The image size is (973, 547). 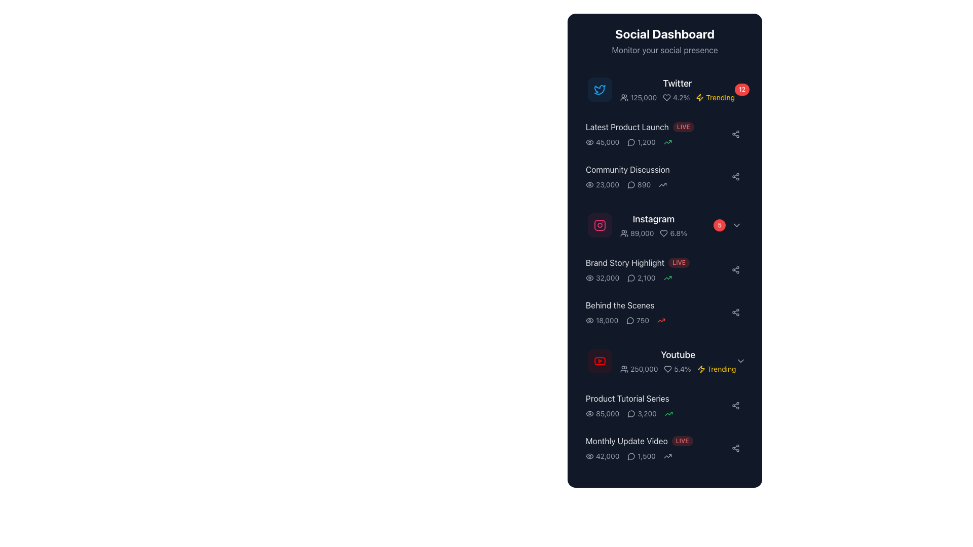 What do you see at coordinates (619, 304) in the screenshot?
I see `the static text label displaying 'Behind the Scenes', which is located under the subtitle 'Instagram' and above the entry for 'YouTube'` at bounding box center [619, 304].